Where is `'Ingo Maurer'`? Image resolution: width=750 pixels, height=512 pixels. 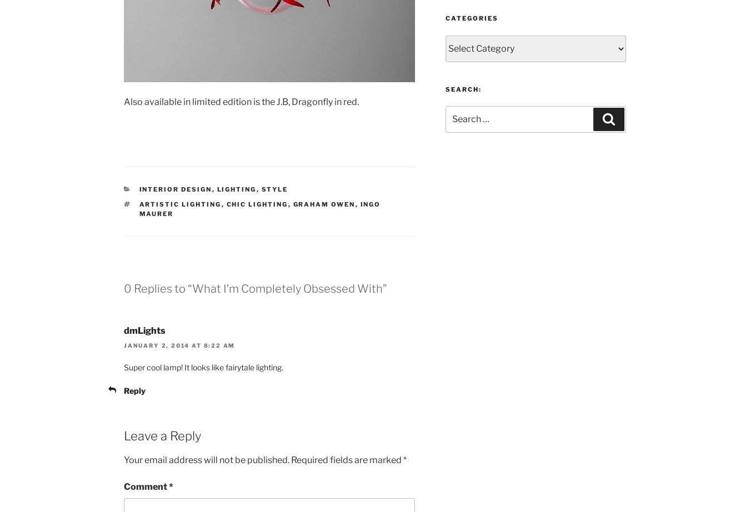
'Ingo Maurer' is located at coordinates (259, 208).